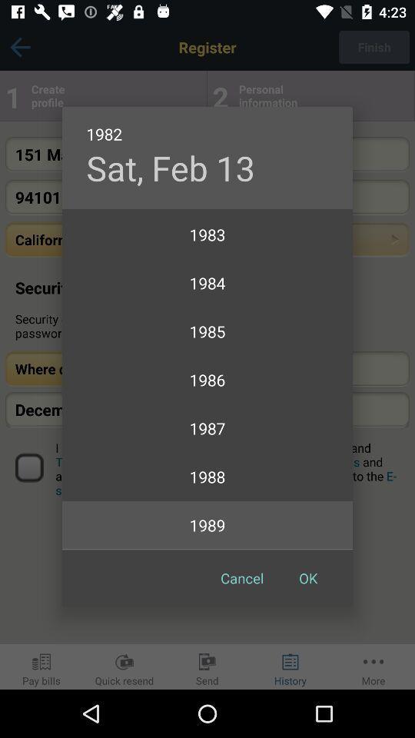 Image resolution: width=415 pixels, height=738 pixels. I want to click on app below 1982 icon, so click(170, 168).